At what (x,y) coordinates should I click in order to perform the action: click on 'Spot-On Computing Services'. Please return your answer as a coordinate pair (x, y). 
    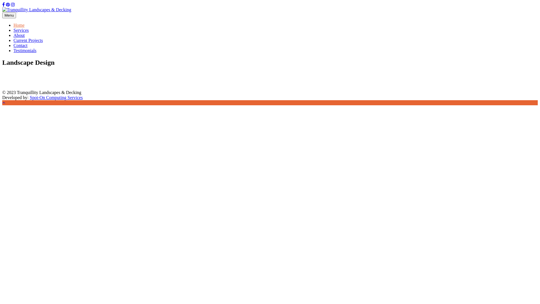
    Looking at the image, I should click on (56, 97).